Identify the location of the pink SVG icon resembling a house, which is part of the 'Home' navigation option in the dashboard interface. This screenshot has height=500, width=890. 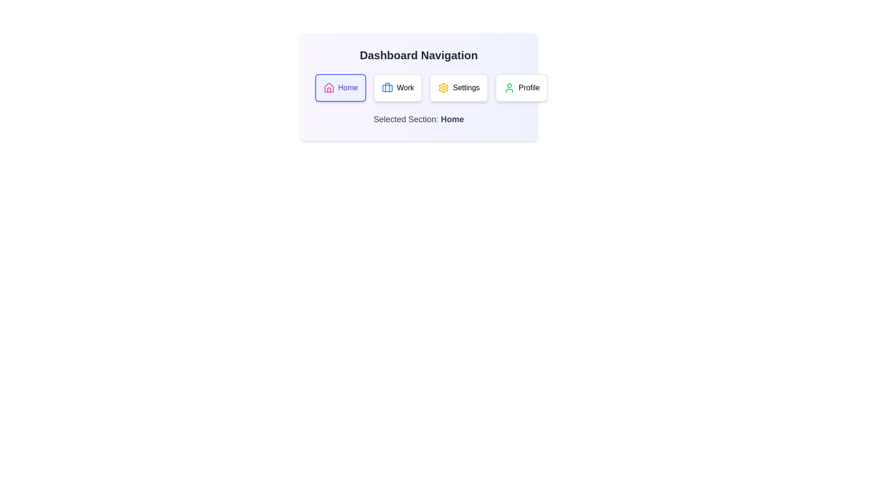
(329, 87).